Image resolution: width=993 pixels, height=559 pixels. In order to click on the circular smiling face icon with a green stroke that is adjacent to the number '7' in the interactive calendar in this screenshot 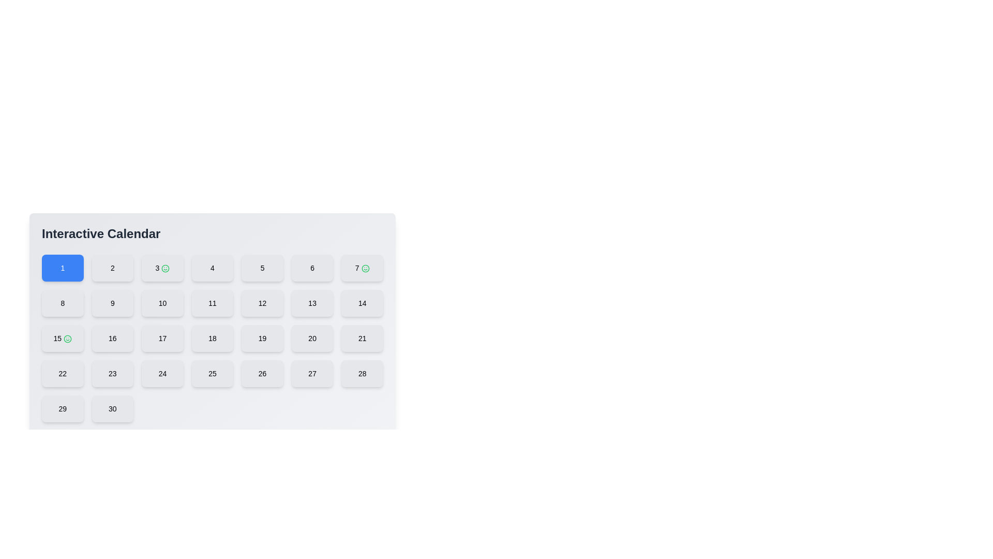, I will do `click(365, 268)`.